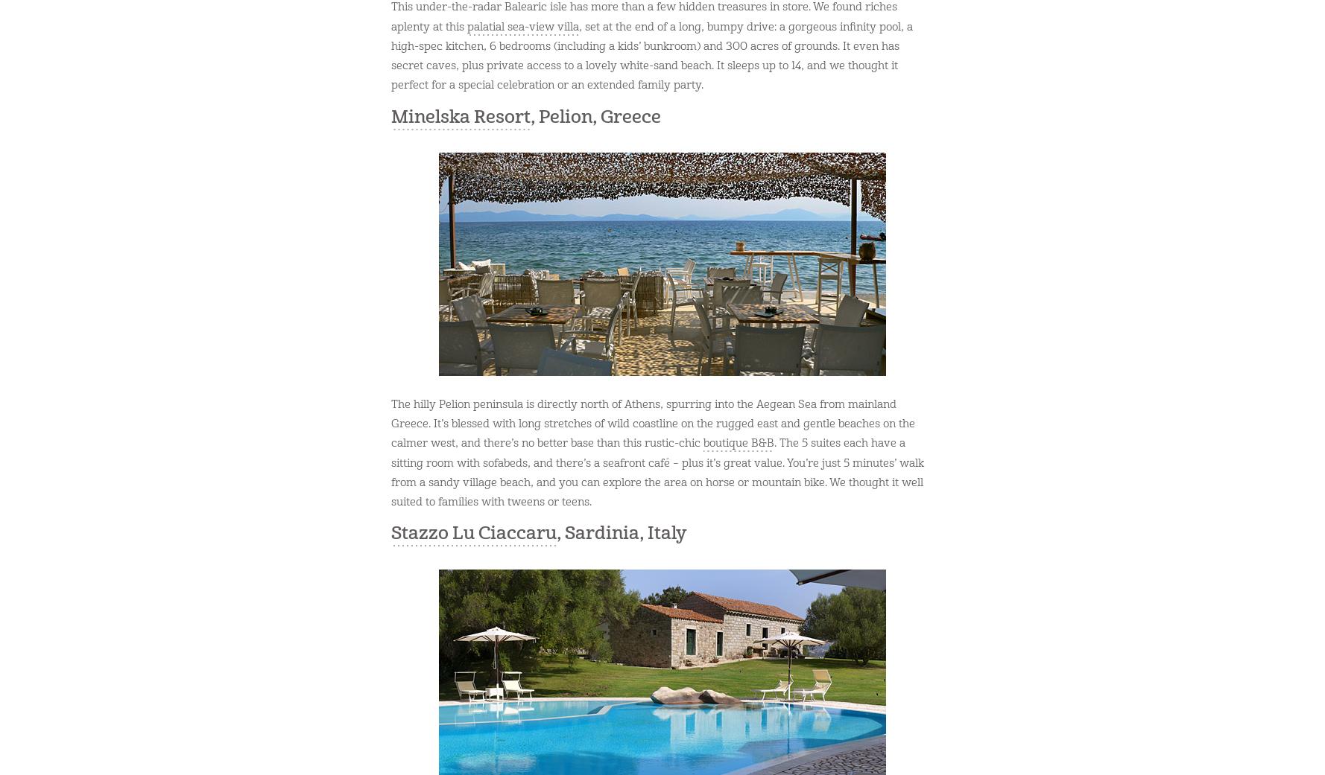 This screenshot has height=775, width=1325. Describe the element at coordinates (595, 116) in the screenshot. I see `', Pelion, Greece'` at that location.